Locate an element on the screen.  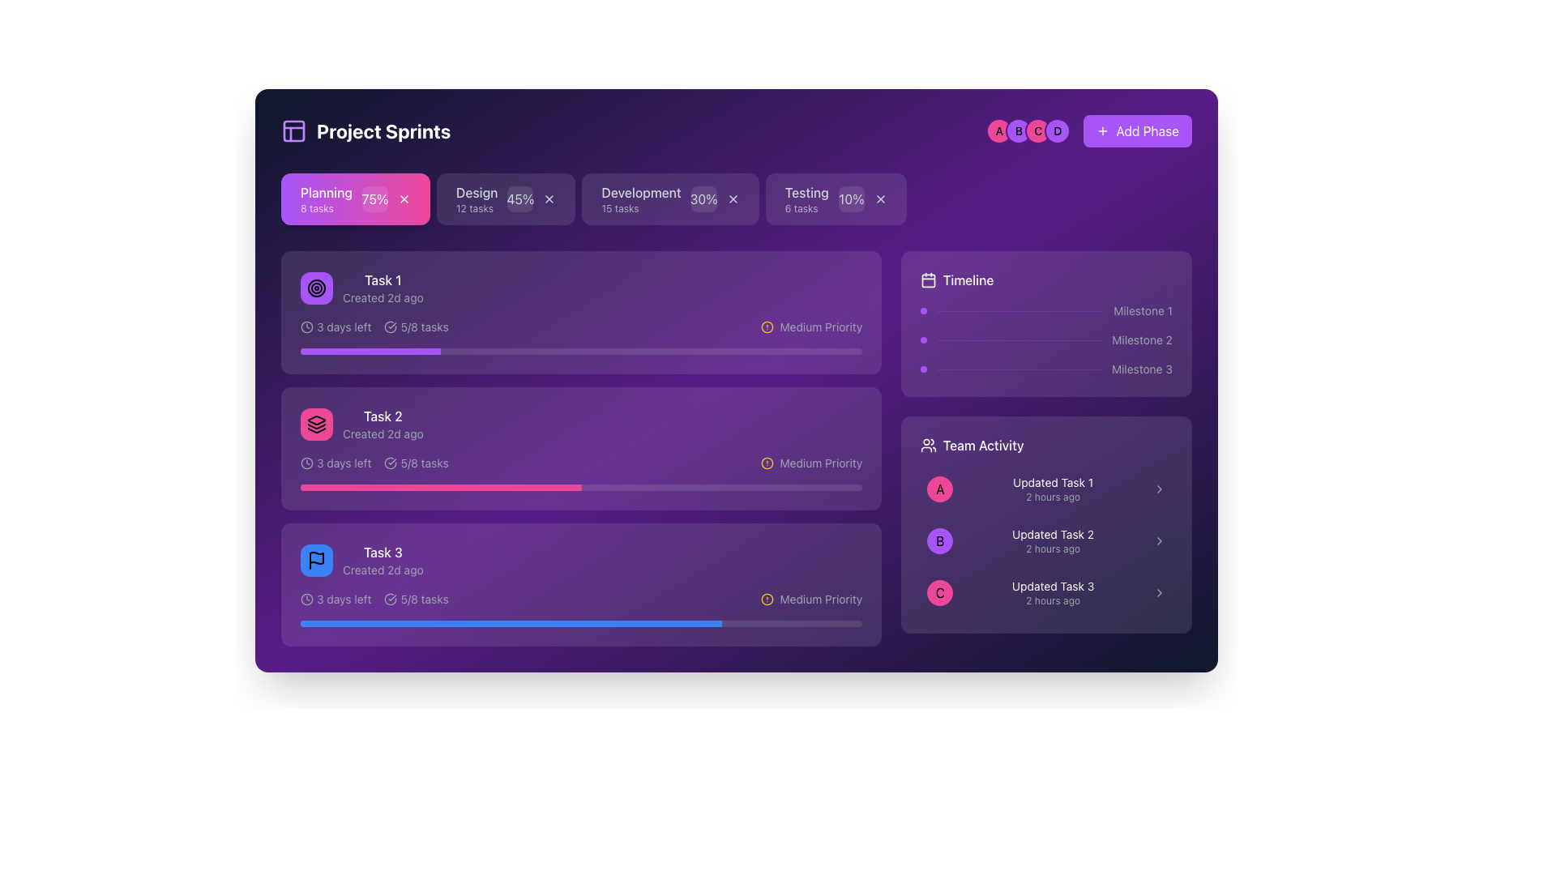
the Avatar or Identifier Icon labeled with 'A', which is the first in a horizontal sequence of four circular icons located at the top-right corner of the interface is located at coordinates (998, 130).